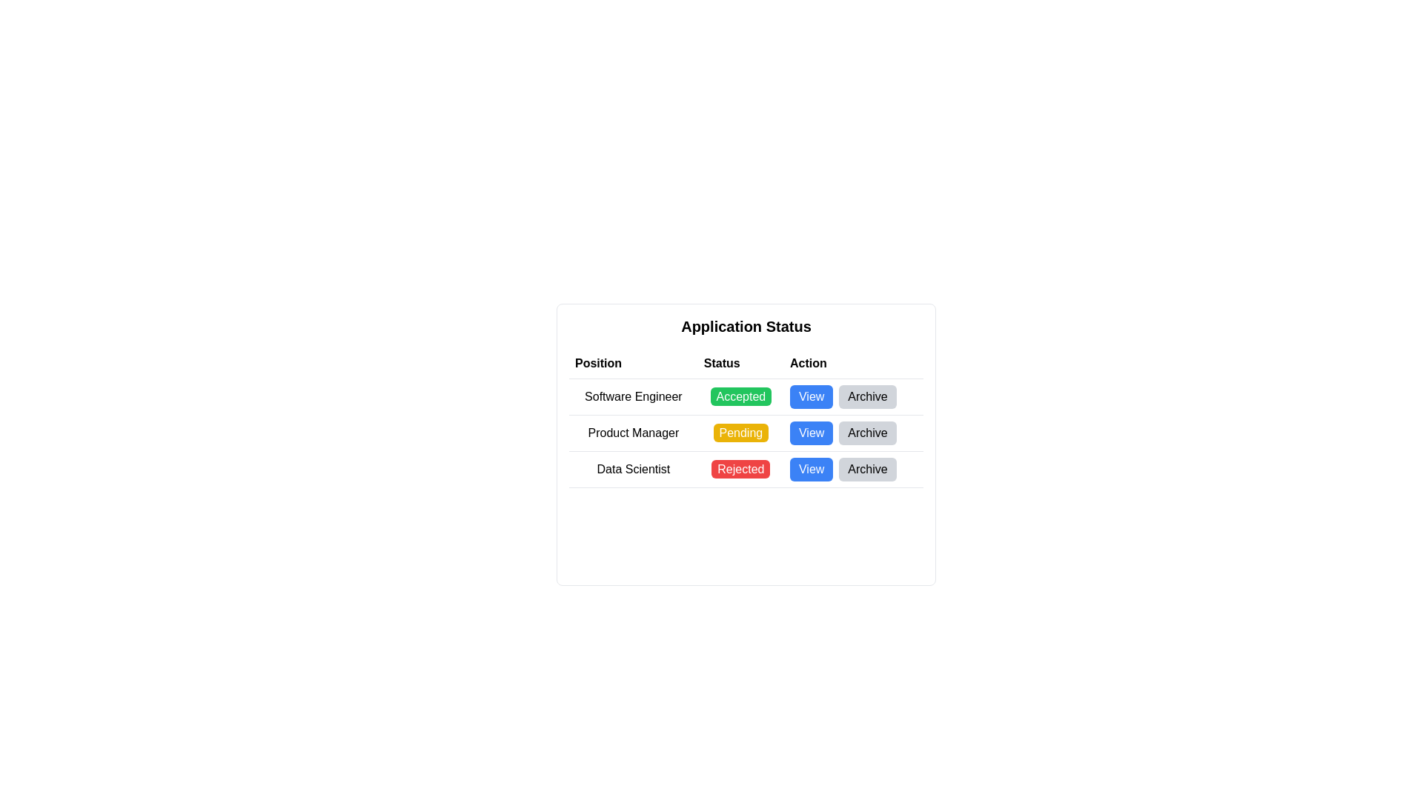 The image size is (1423, 800). Describe the element at coordinates (740, 469) in the screenshot. I see `status text from the rectangular badge-like component with a red background and white text reading 'Rejected' located in the 'Status' column of the 'Data Scientist' row` at that location.